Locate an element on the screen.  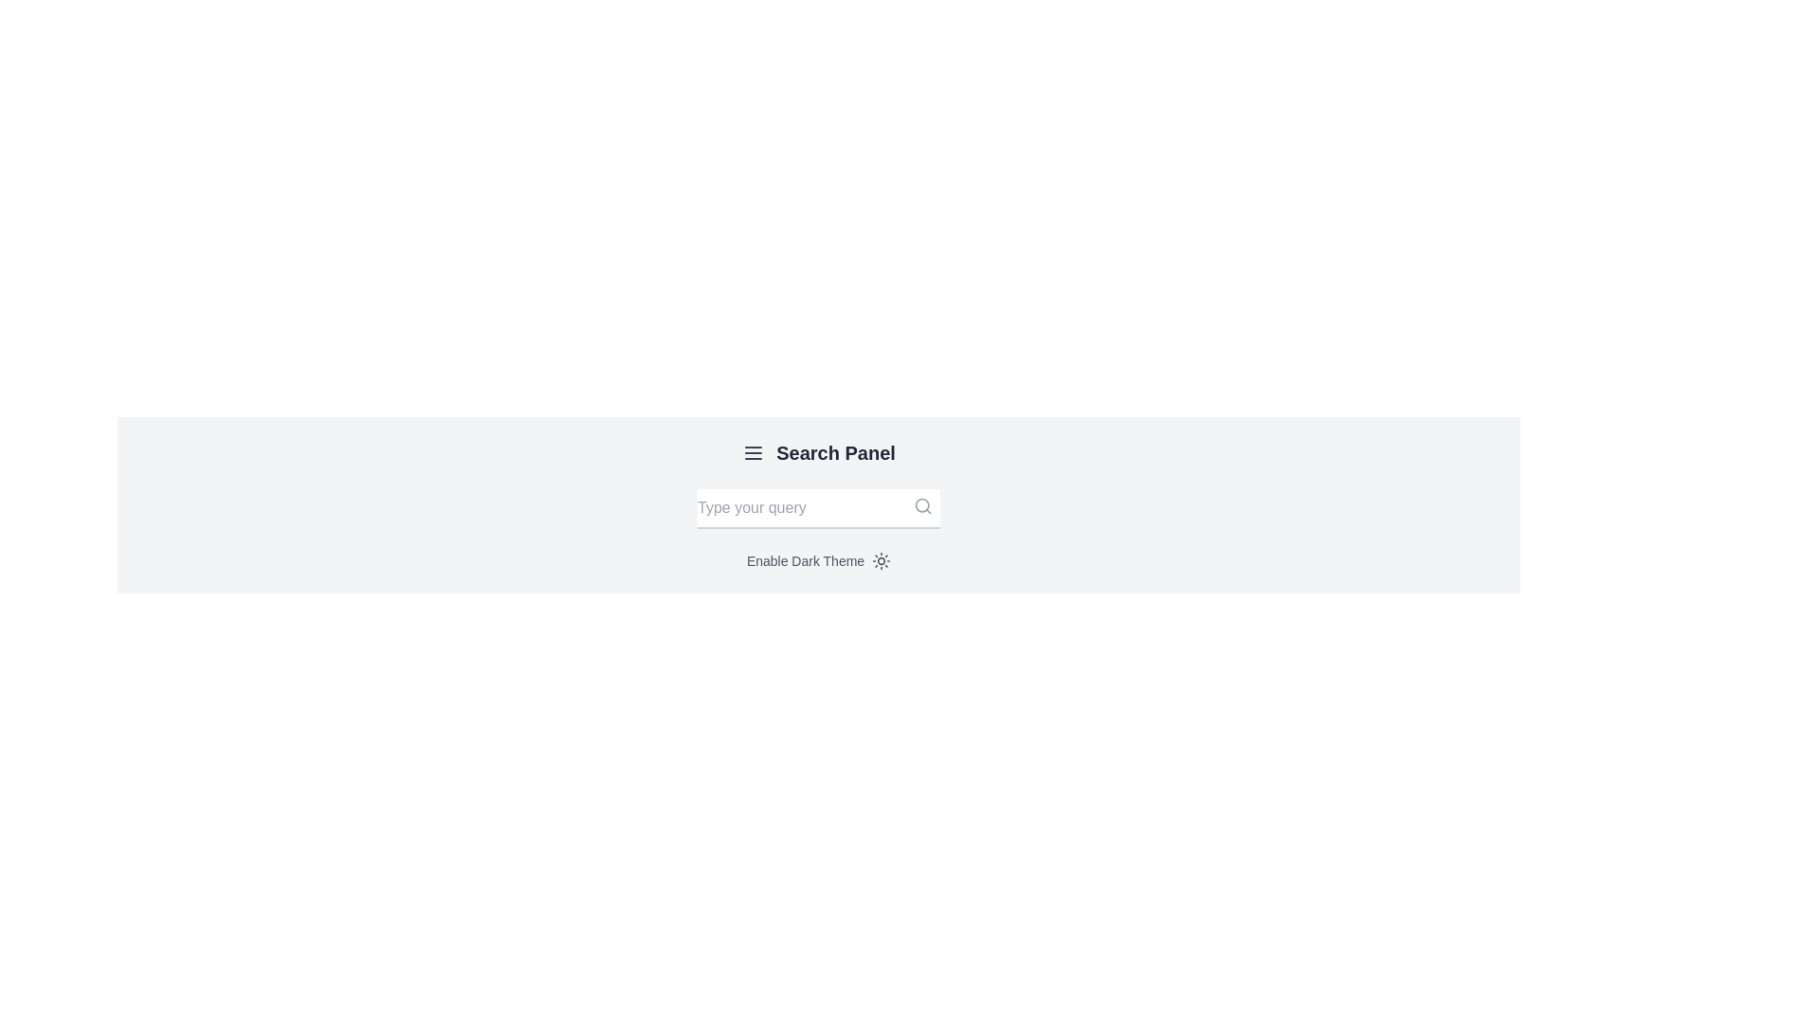
the search icon, which is a gray magnifying glass located at the top-right corner of the text input field is located at coordinates (923, 504).